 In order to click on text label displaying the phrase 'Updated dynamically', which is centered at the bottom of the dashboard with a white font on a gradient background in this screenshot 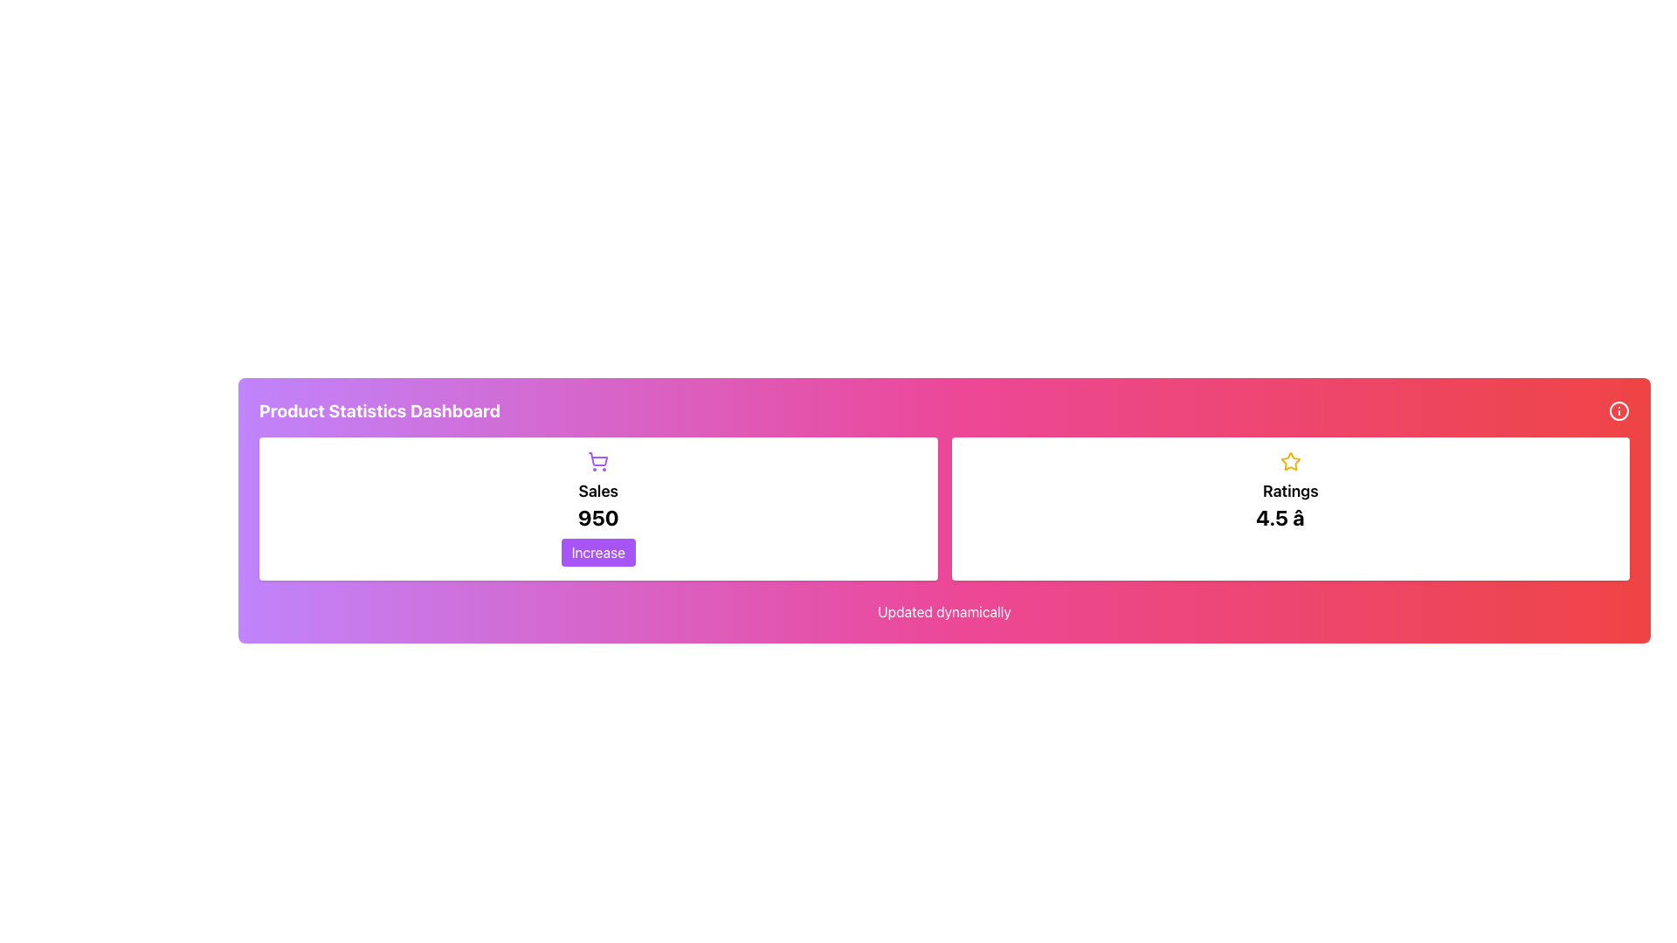, I will do `click(943, 611)`.